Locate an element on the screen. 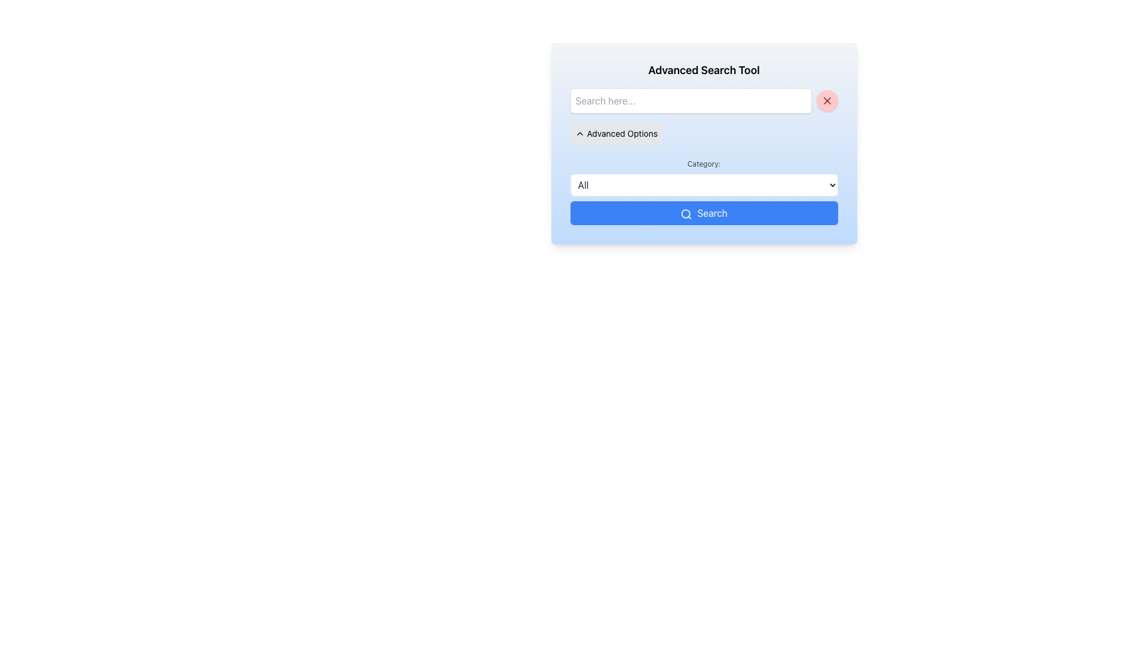  the prominent header text labeled 'Advanced Search Tool' that is styled with a bold font and located within a blue gradient background card is located at coordinates (704, 70).